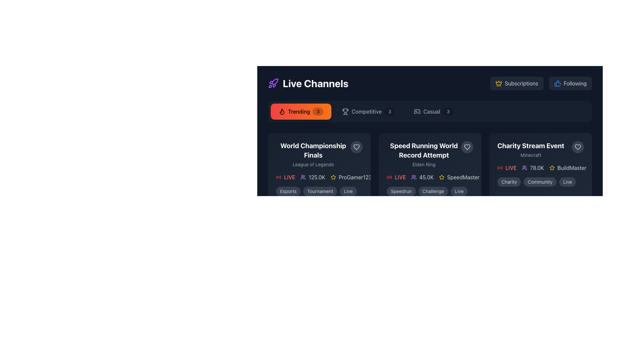 This screenshot has width=644, height=362. I want to click on the prominent large, bold white text reading 'Live Channels', which is displayed in a modern sans-serif font against a dark background, located just right of a purple rocket-like icon at the top-left area of the interface, so click(315, 83).